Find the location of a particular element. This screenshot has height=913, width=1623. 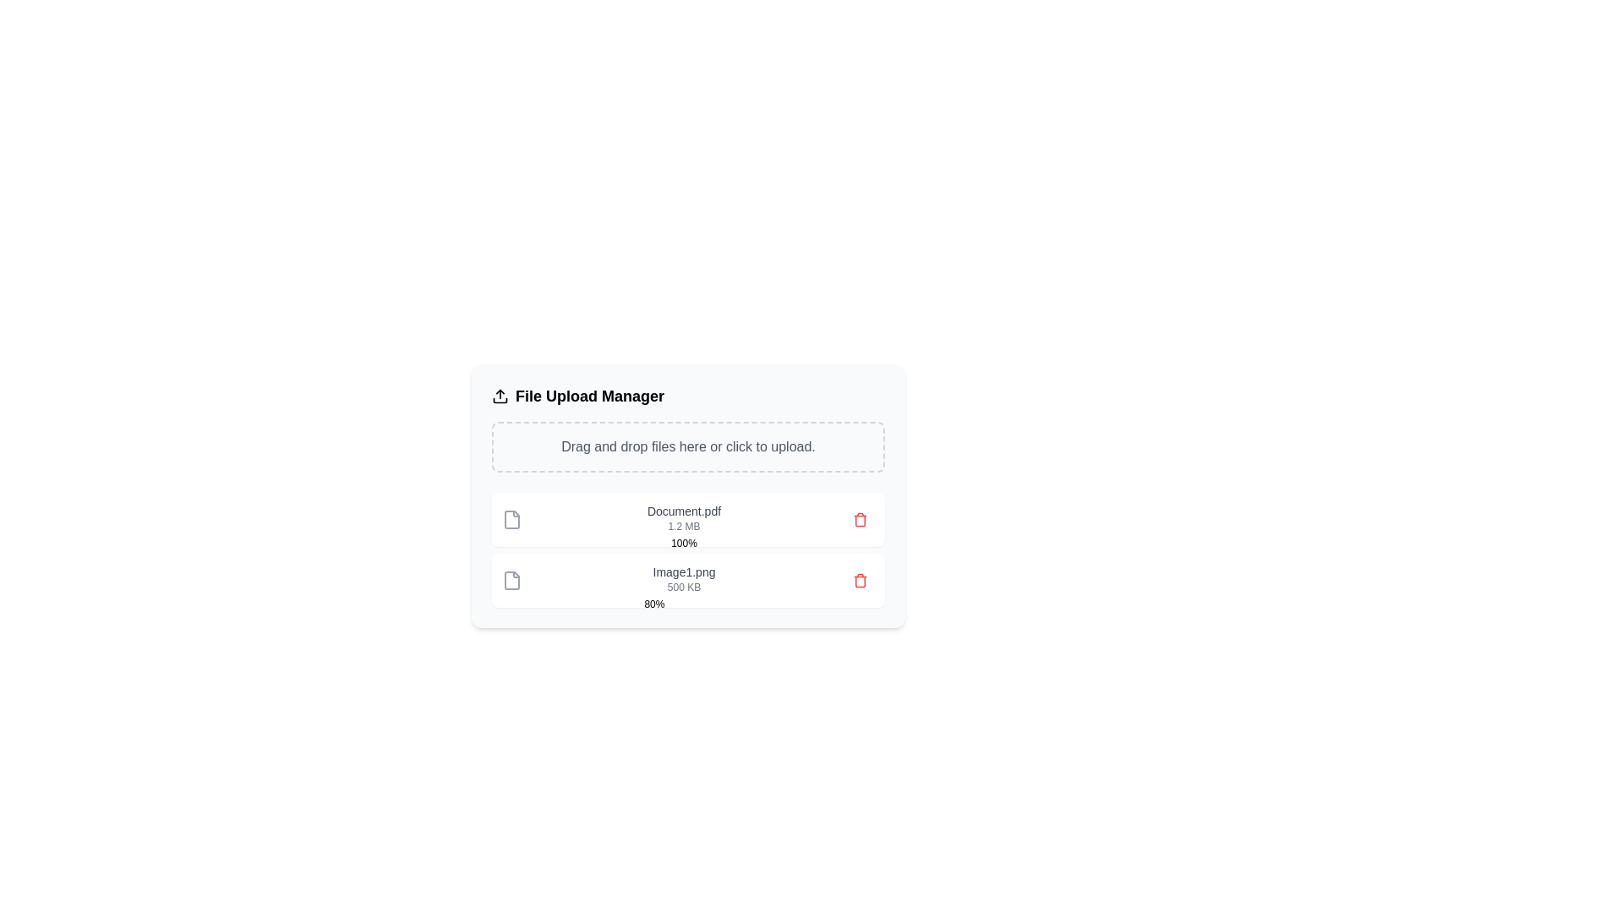

the static text label displaying 'Image1.png' in gray color, located above the '500 KB' text in the file upload manager interface is located at coordinates (684, 571).